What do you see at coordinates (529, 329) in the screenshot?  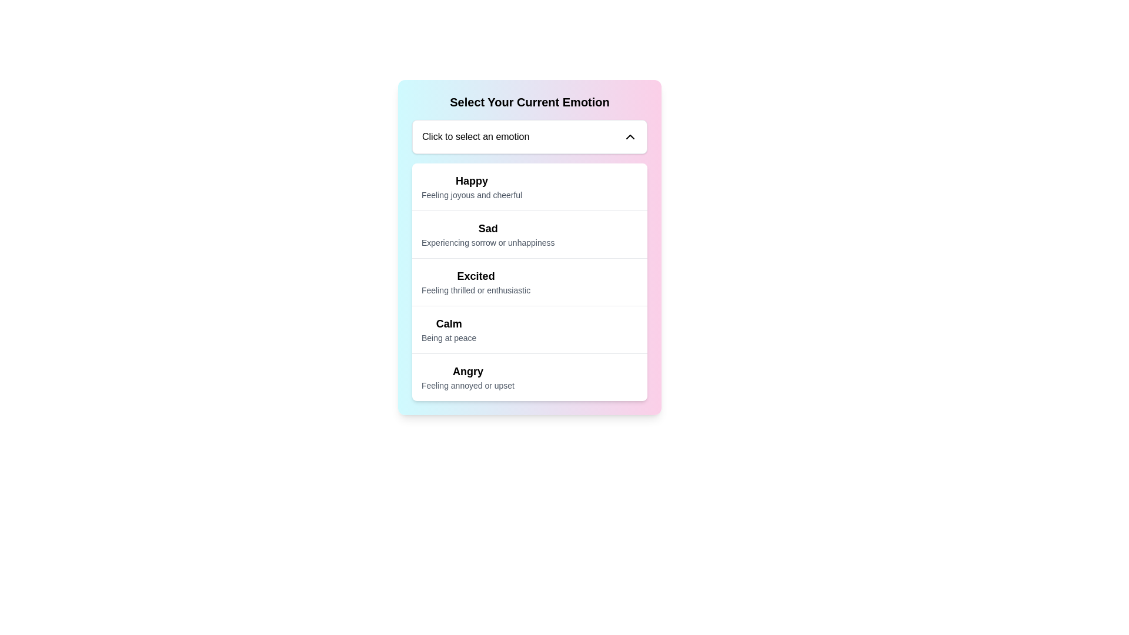 I see `the list item displaying the emotion 'Calm', which is the fourth entry in a vertical list of emotions, located between 'Excited' and 'Angry'` at bounding box center [529, 329].